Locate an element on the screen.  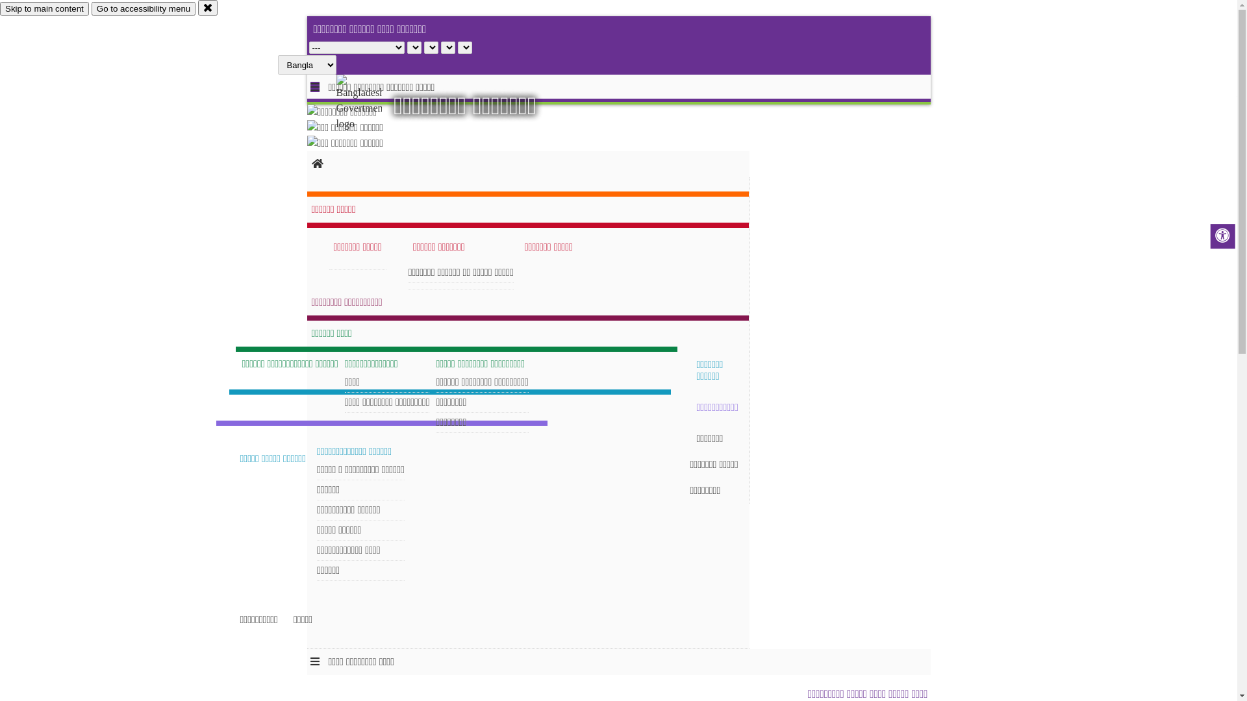
'Skip to main content' is located at coordinates (44, 8).